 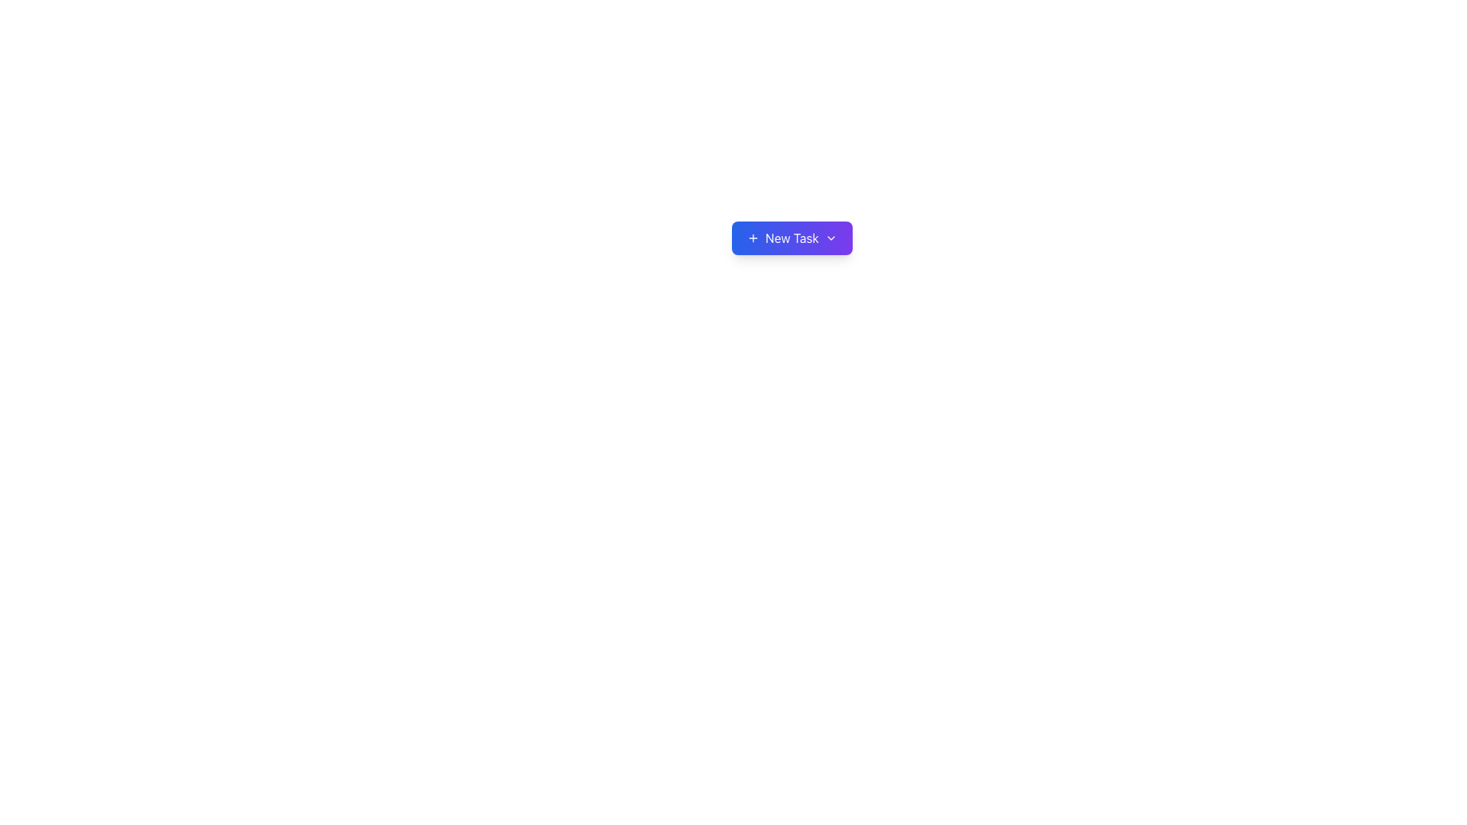 What do you see at coordinates (830, 238) in the screenshot?
I see `the downward-pointing chevron icon located to the right of the 'New Task' button` at bounding box center [830, 238].